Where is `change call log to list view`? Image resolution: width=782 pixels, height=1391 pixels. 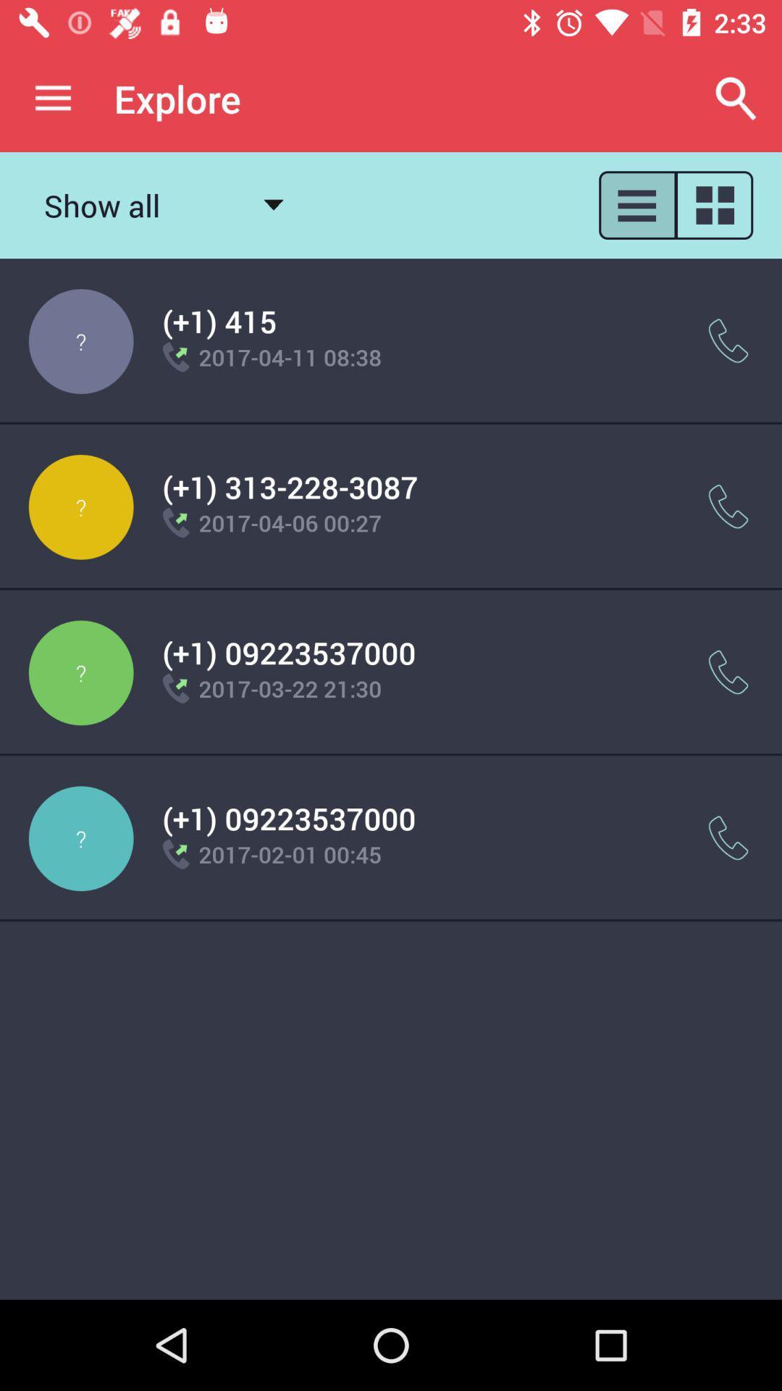 change call log to list view is located at coordinates (636, 204).